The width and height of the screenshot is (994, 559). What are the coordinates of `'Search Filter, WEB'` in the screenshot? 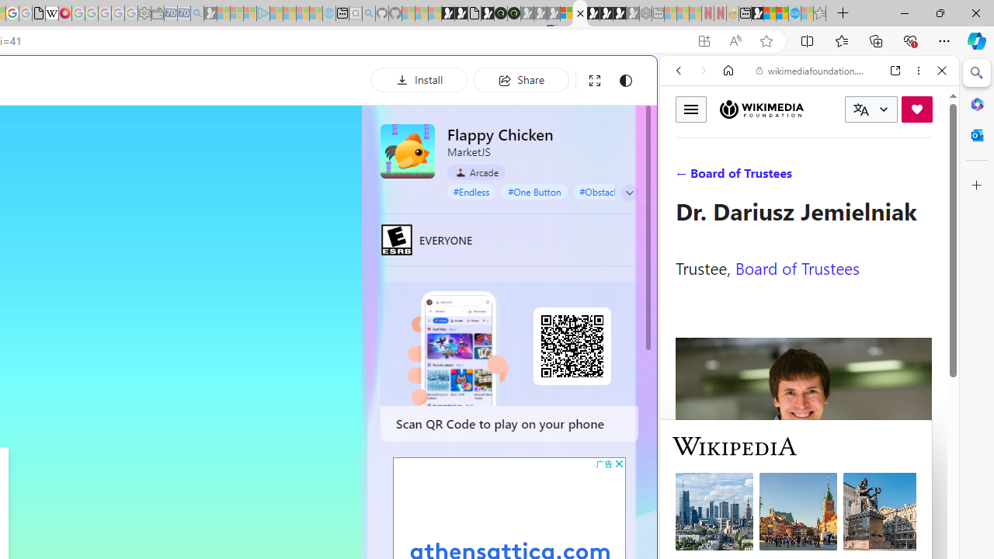 It's located at (684, 176).